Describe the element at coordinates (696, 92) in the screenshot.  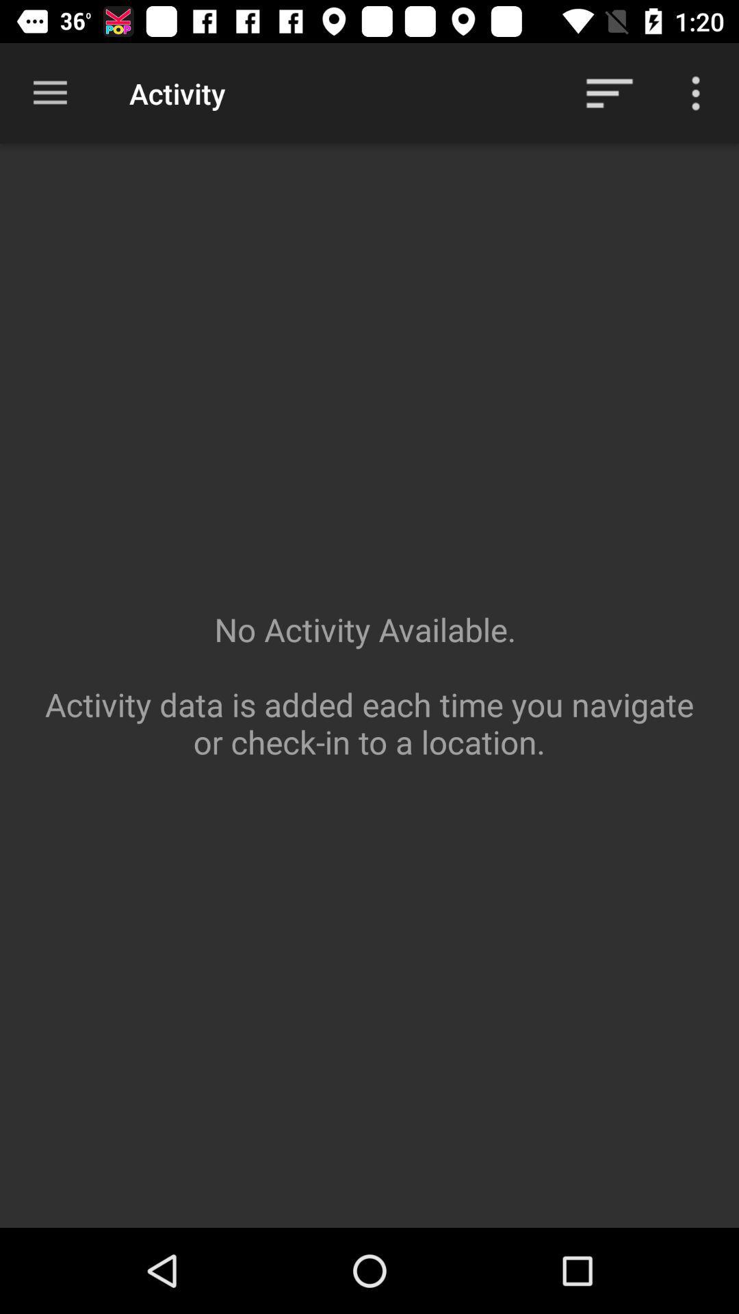
I see `more options` at that location.